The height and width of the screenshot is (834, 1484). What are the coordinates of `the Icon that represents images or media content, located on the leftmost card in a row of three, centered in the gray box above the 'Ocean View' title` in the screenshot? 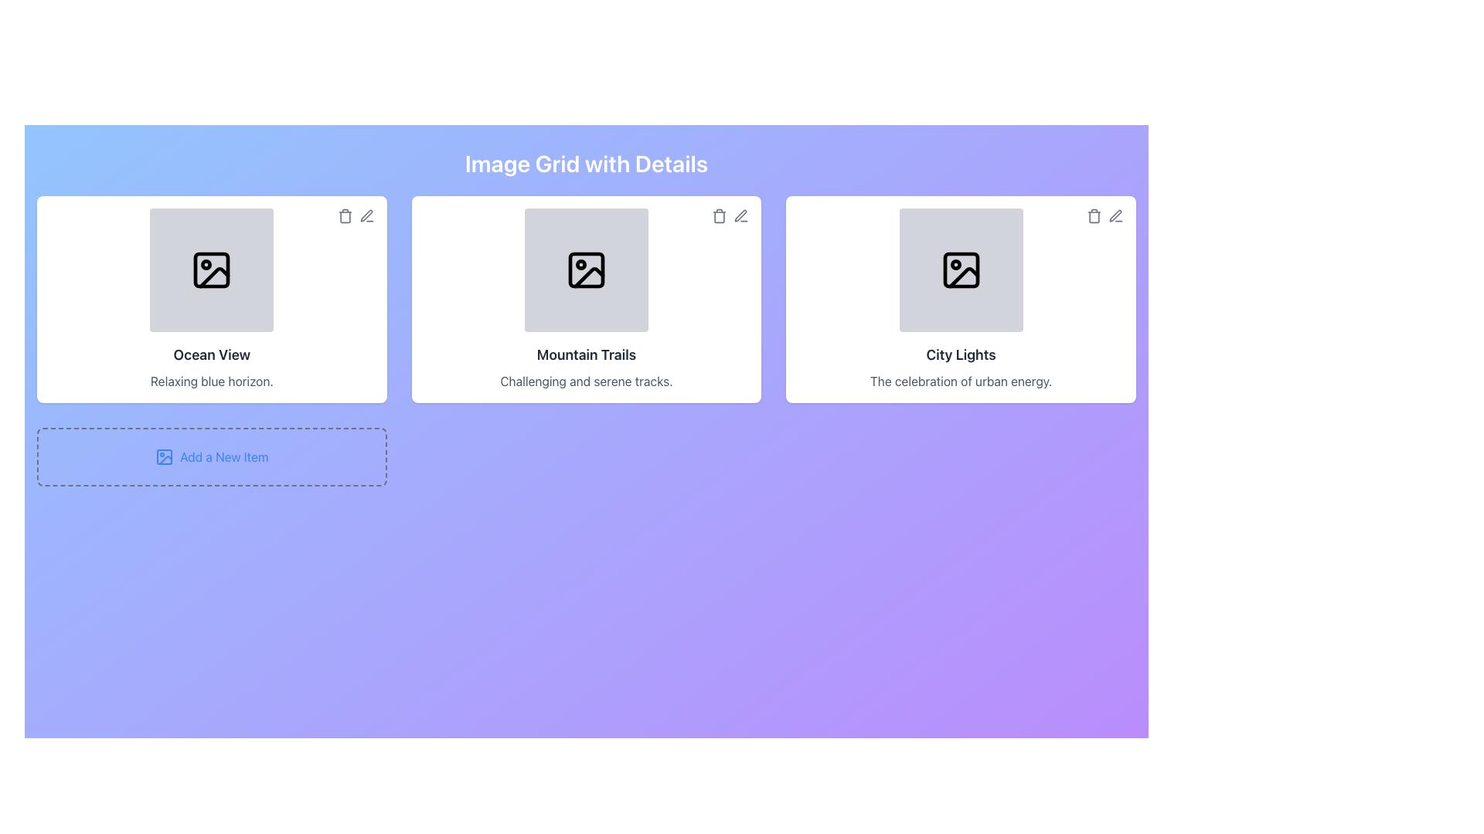 It's located at (211, 270).